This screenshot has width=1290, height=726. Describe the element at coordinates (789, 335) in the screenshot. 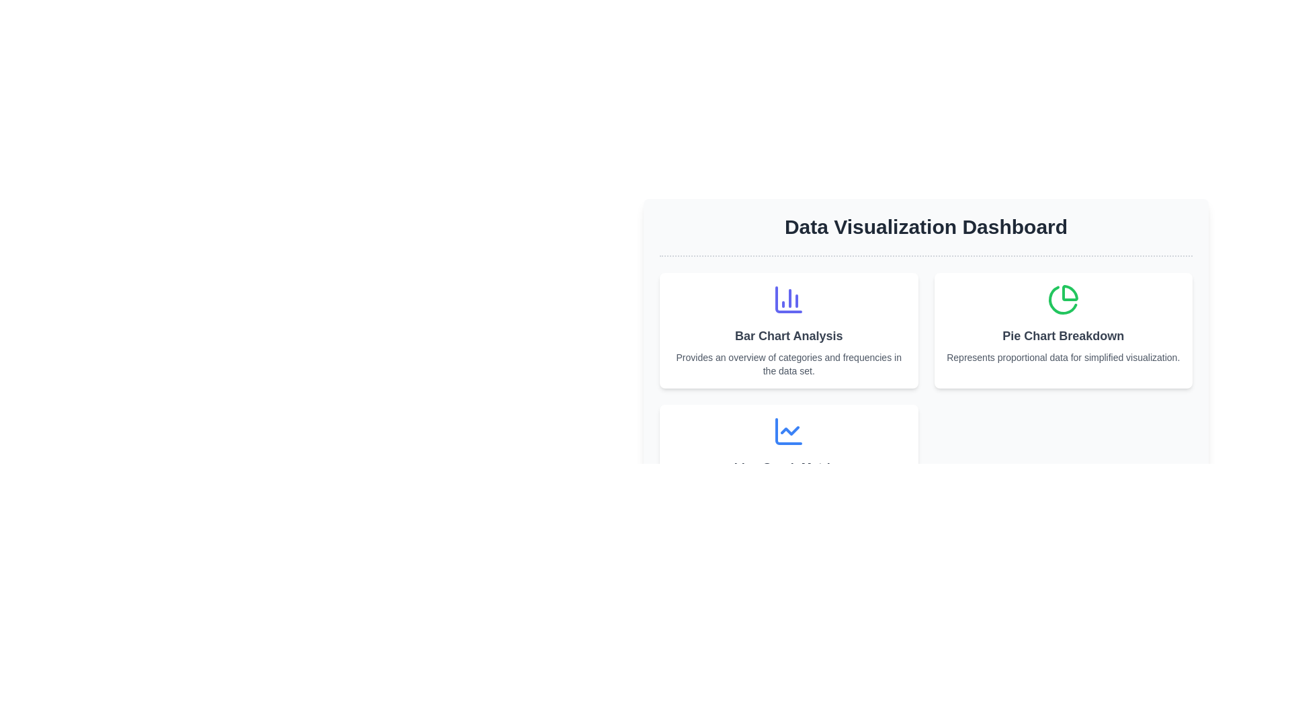

I see `the text label that serves as a title for the bar chart analysis section, located beneath an indigo-colored chart icon and above a descriptive text block` at that location.